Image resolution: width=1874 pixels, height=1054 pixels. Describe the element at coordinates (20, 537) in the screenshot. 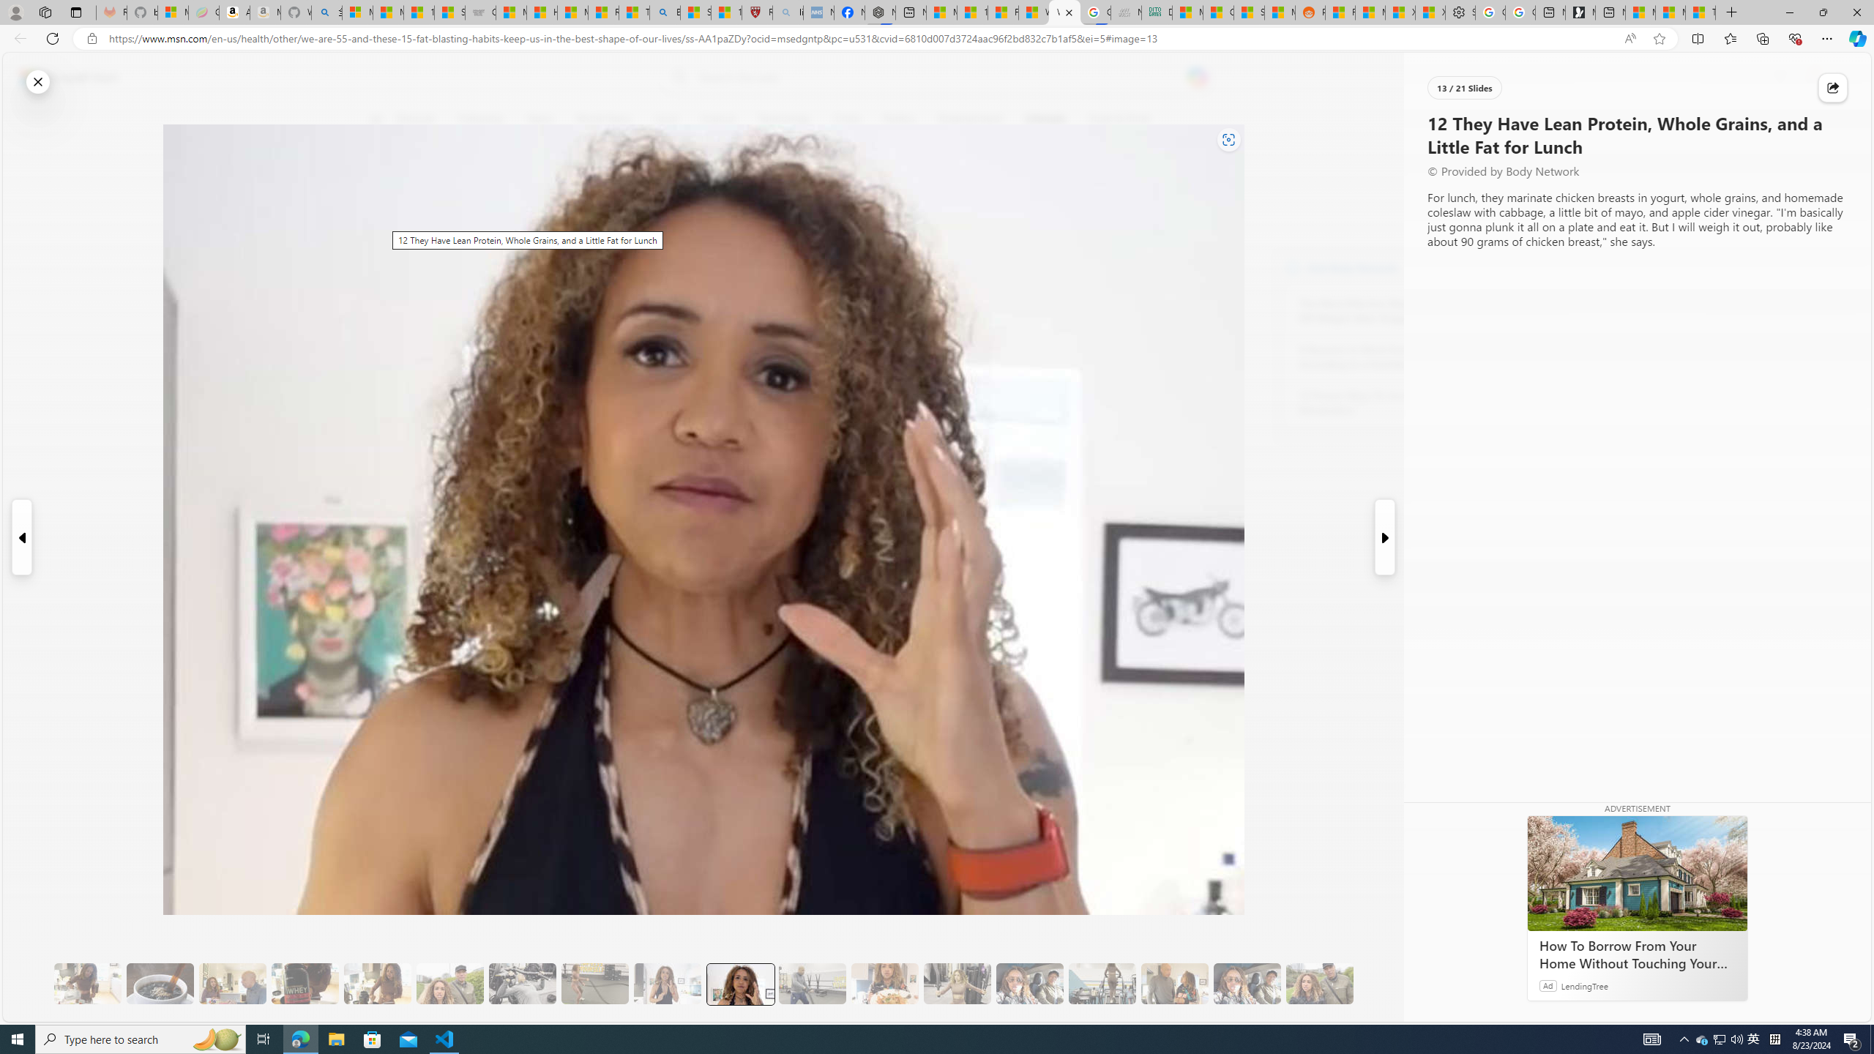

I see `'Previous Slide'` at that location.